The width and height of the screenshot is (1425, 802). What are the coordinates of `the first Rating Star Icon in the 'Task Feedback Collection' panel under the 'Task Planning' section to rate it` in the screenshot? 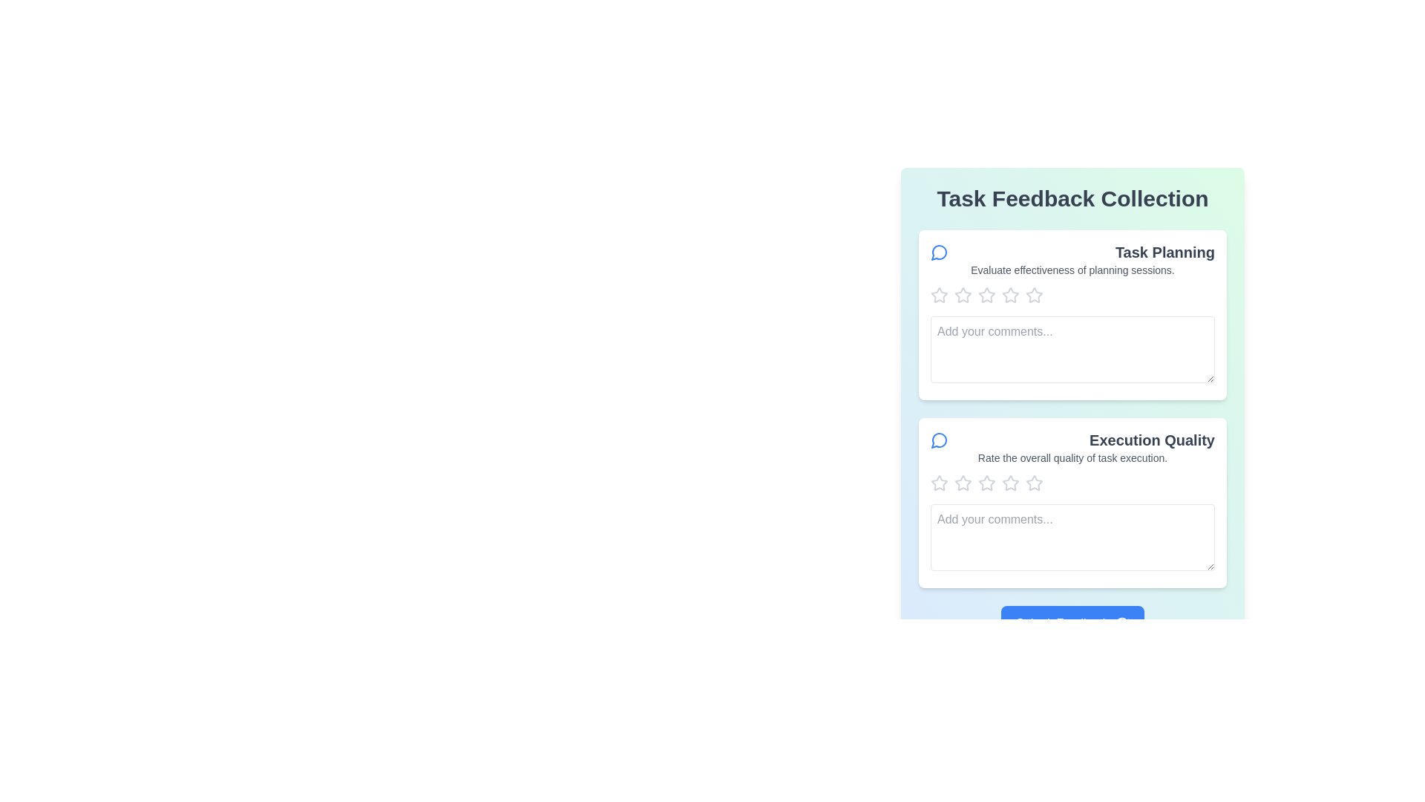 It's located at (939, 295).